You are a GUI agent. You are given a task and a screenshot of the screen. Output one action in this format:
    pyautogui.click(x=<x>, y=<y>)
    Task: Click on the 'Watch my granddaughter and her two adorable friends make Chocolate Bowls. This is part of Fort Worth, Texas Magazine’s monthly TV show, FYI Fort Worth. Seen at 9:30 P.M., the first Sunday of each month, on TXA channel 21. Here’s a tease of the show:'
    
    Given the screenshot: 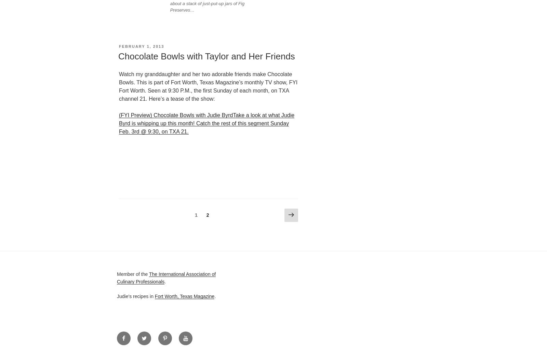 What is the action you would take?
    pyautogui.click(x=208, y=86)
    